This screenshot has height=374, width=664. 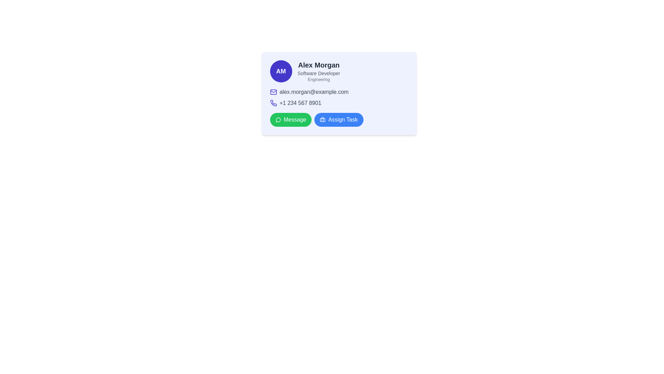 What do you see at coordinates (278, 119) in the screenshot?
I see `the 'Message' button which contains the messaging icon, located at the bottom of the user profile card` at bounding box center [278, 119].